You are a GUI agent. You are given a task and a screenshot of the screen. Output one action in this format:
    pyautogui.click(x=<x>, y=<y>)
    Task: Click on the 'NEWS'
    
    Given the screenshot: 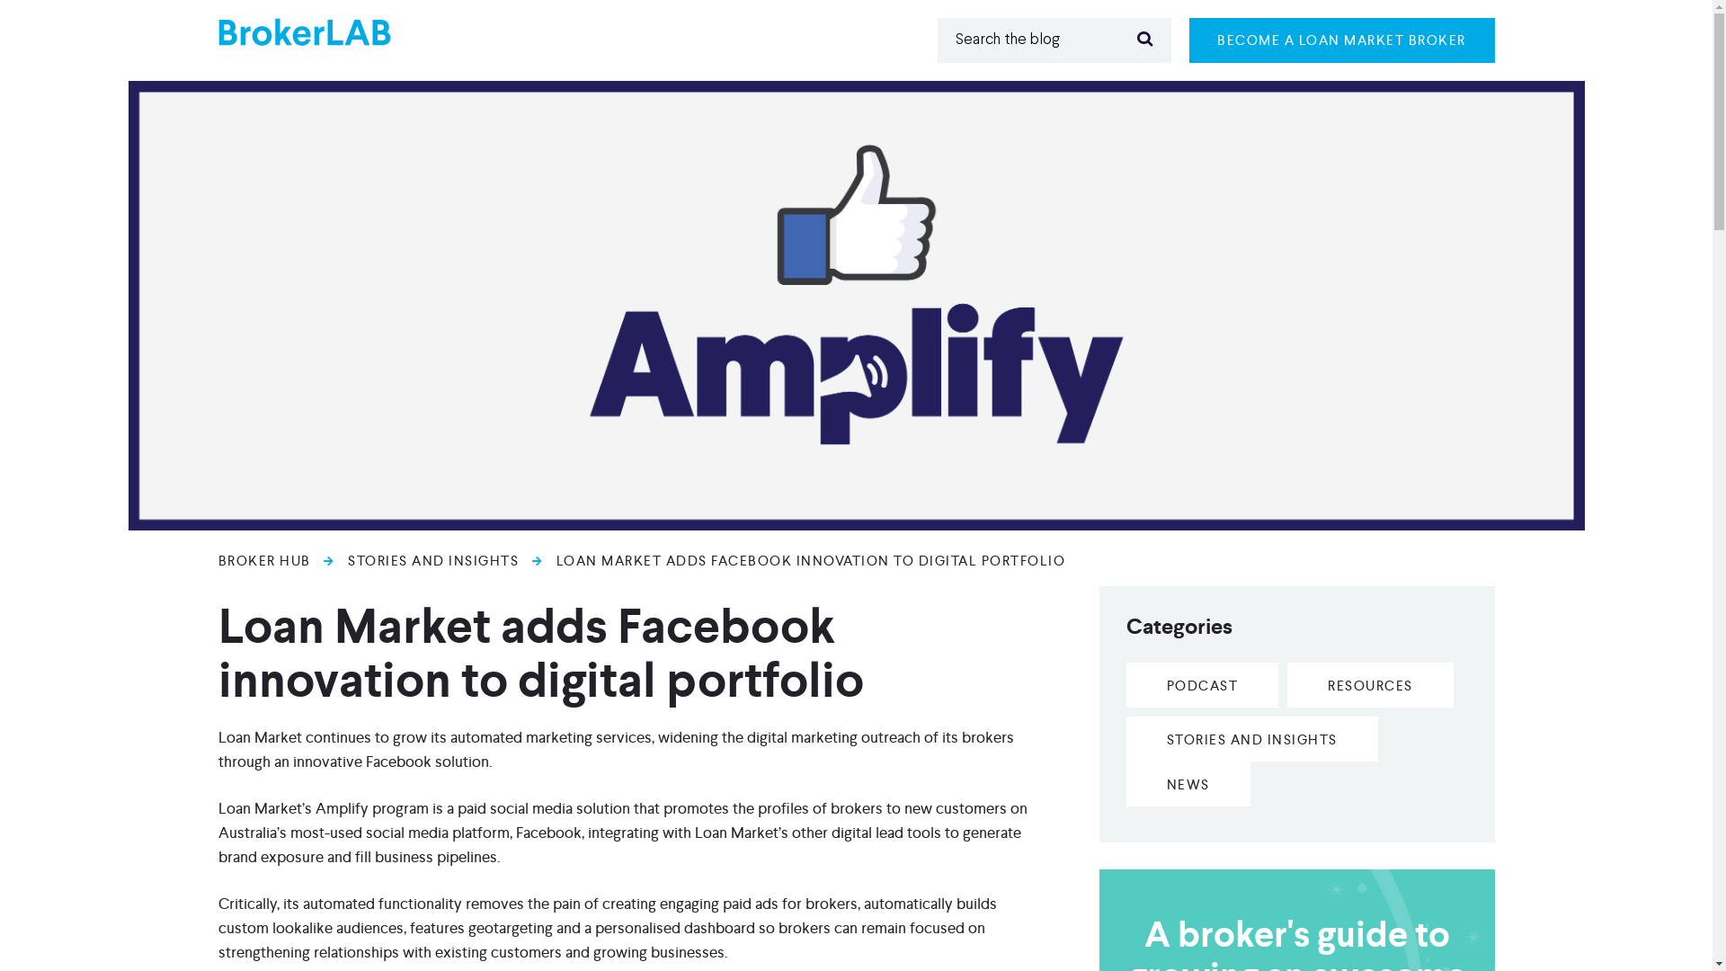 What is the action you would take?
    pyautogui.click(x=1187, y=782)
    